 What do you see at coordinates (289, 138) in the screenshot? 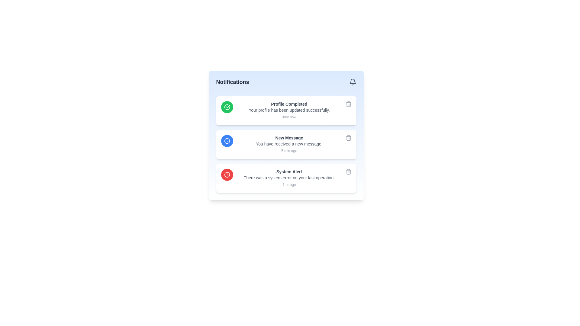
I see `the 'New Message' text label` at bounding box center [289, 138].